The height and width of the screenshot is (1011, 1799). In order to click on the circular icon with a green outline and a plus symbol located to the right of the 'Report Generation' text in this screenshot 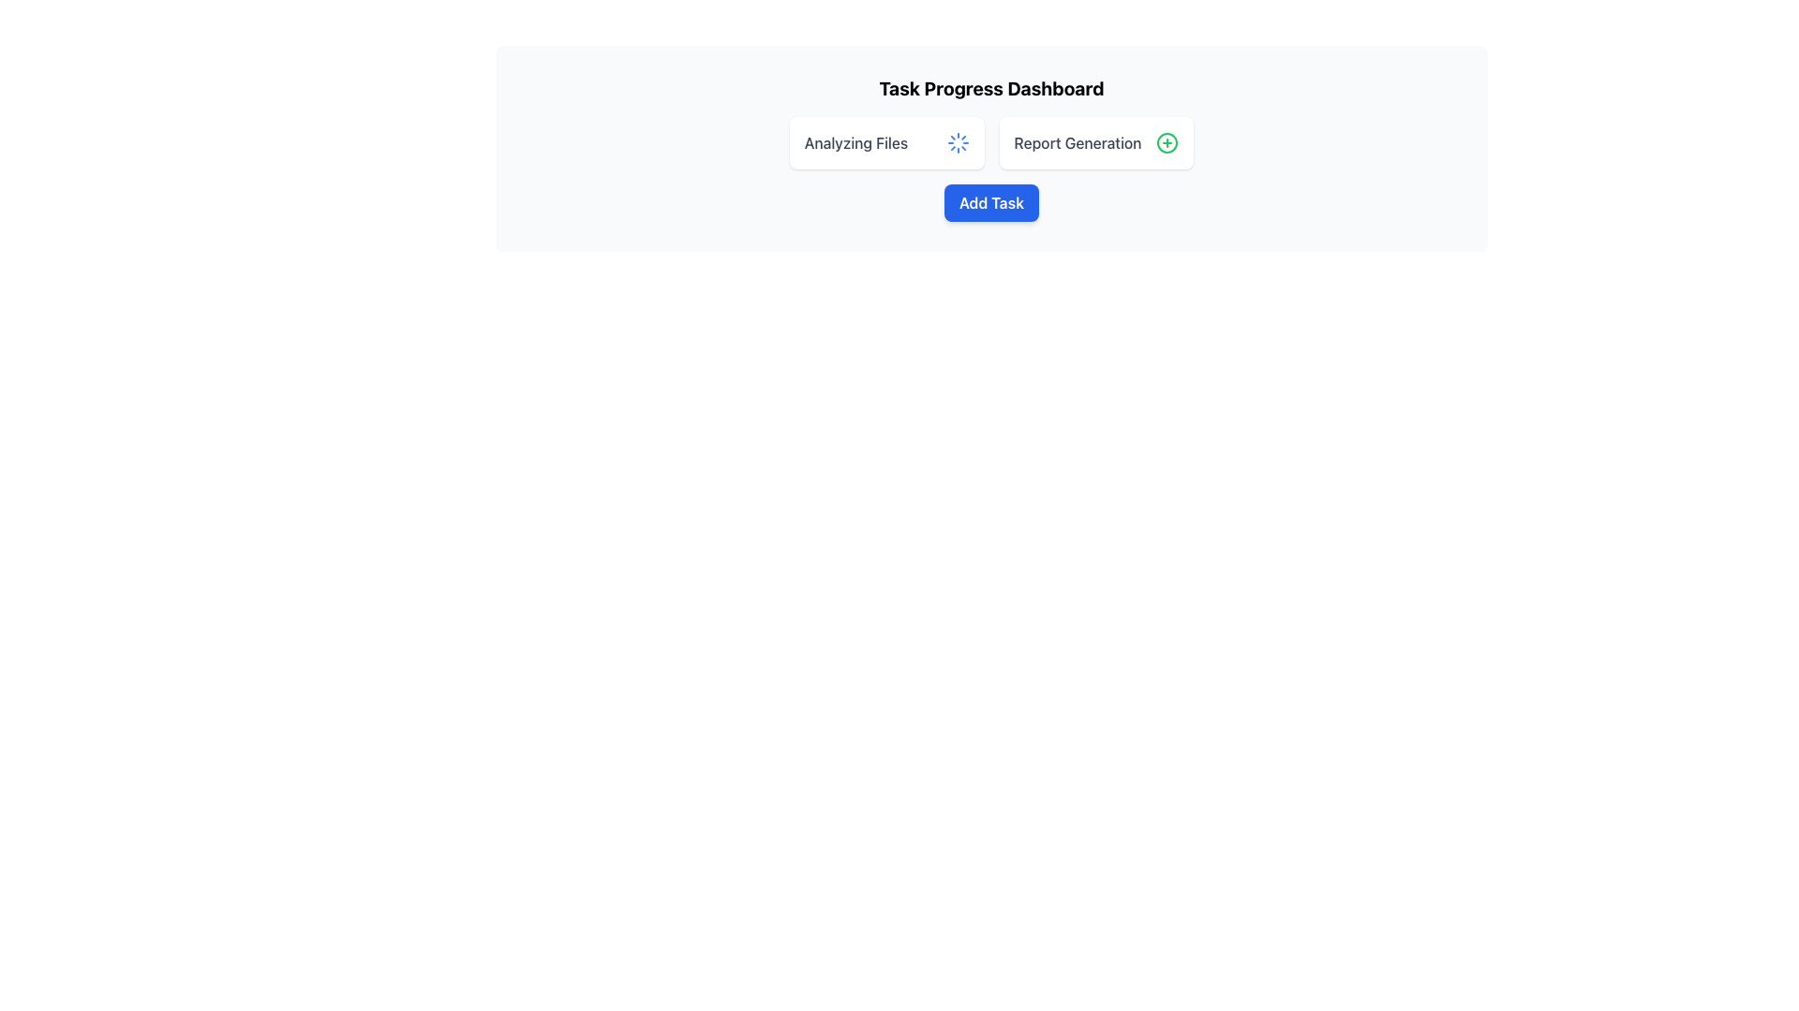, I will do `click(1167, 142)`.